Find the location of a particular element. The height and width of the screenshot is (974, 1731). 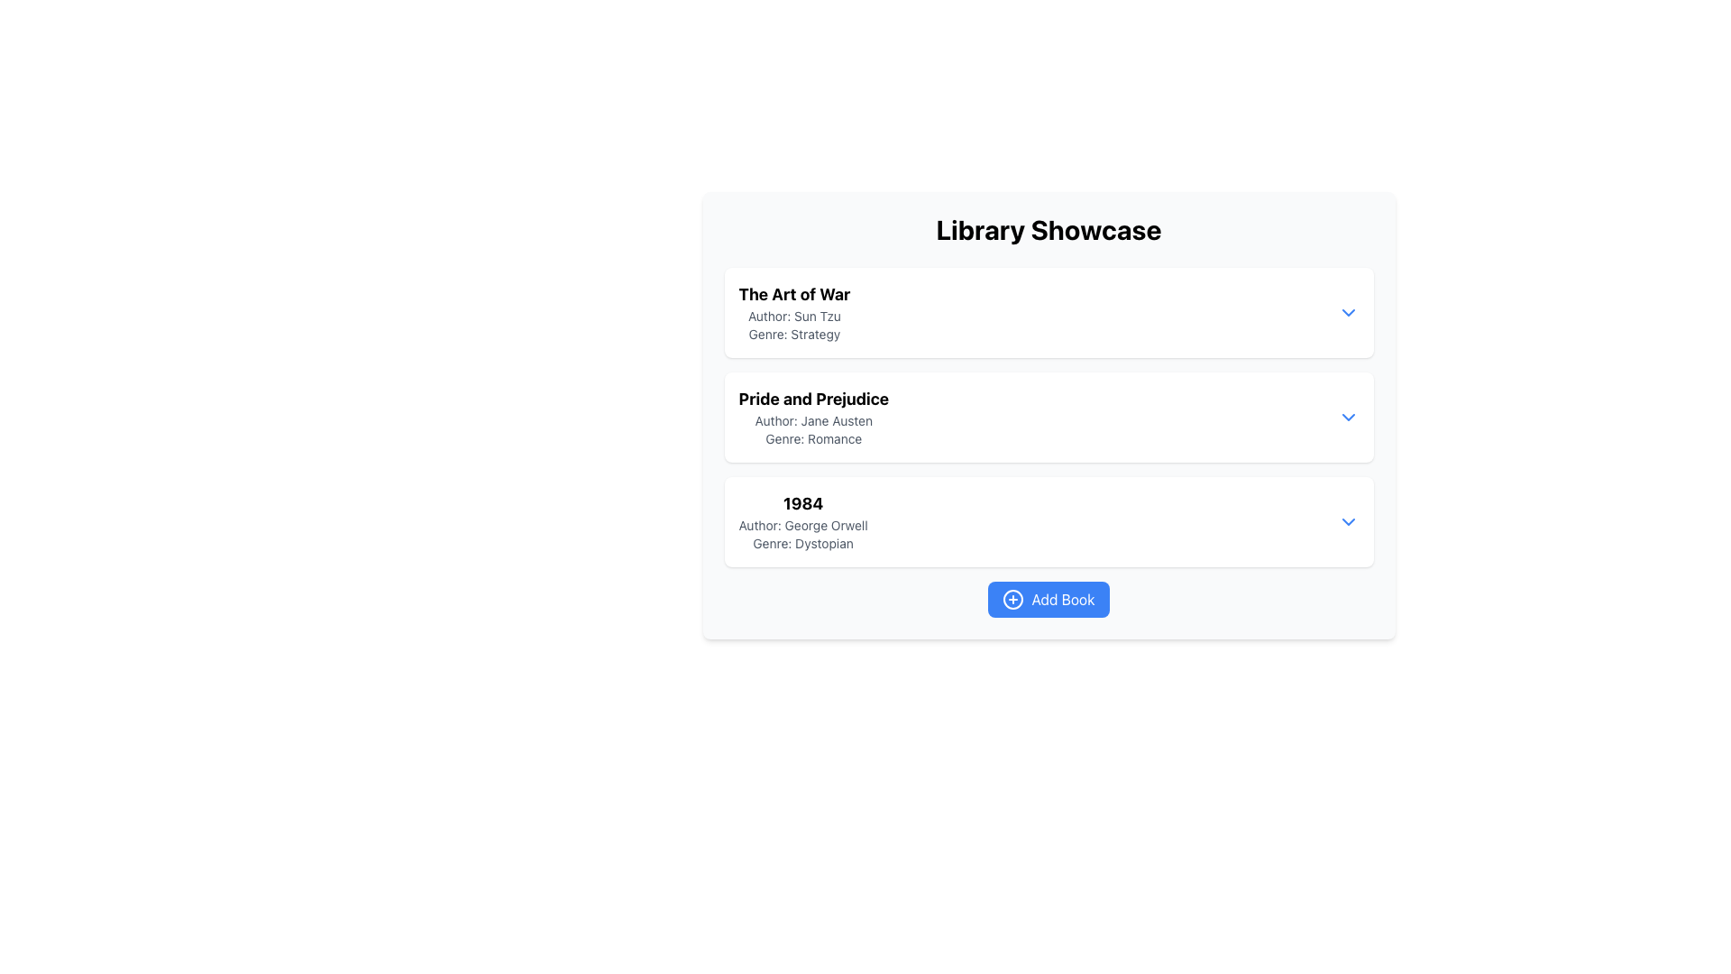

the text label displaying 'Author: George Orwell', which is styled in gray and located beneath the title '1984' is located at coordinates (802, 525).